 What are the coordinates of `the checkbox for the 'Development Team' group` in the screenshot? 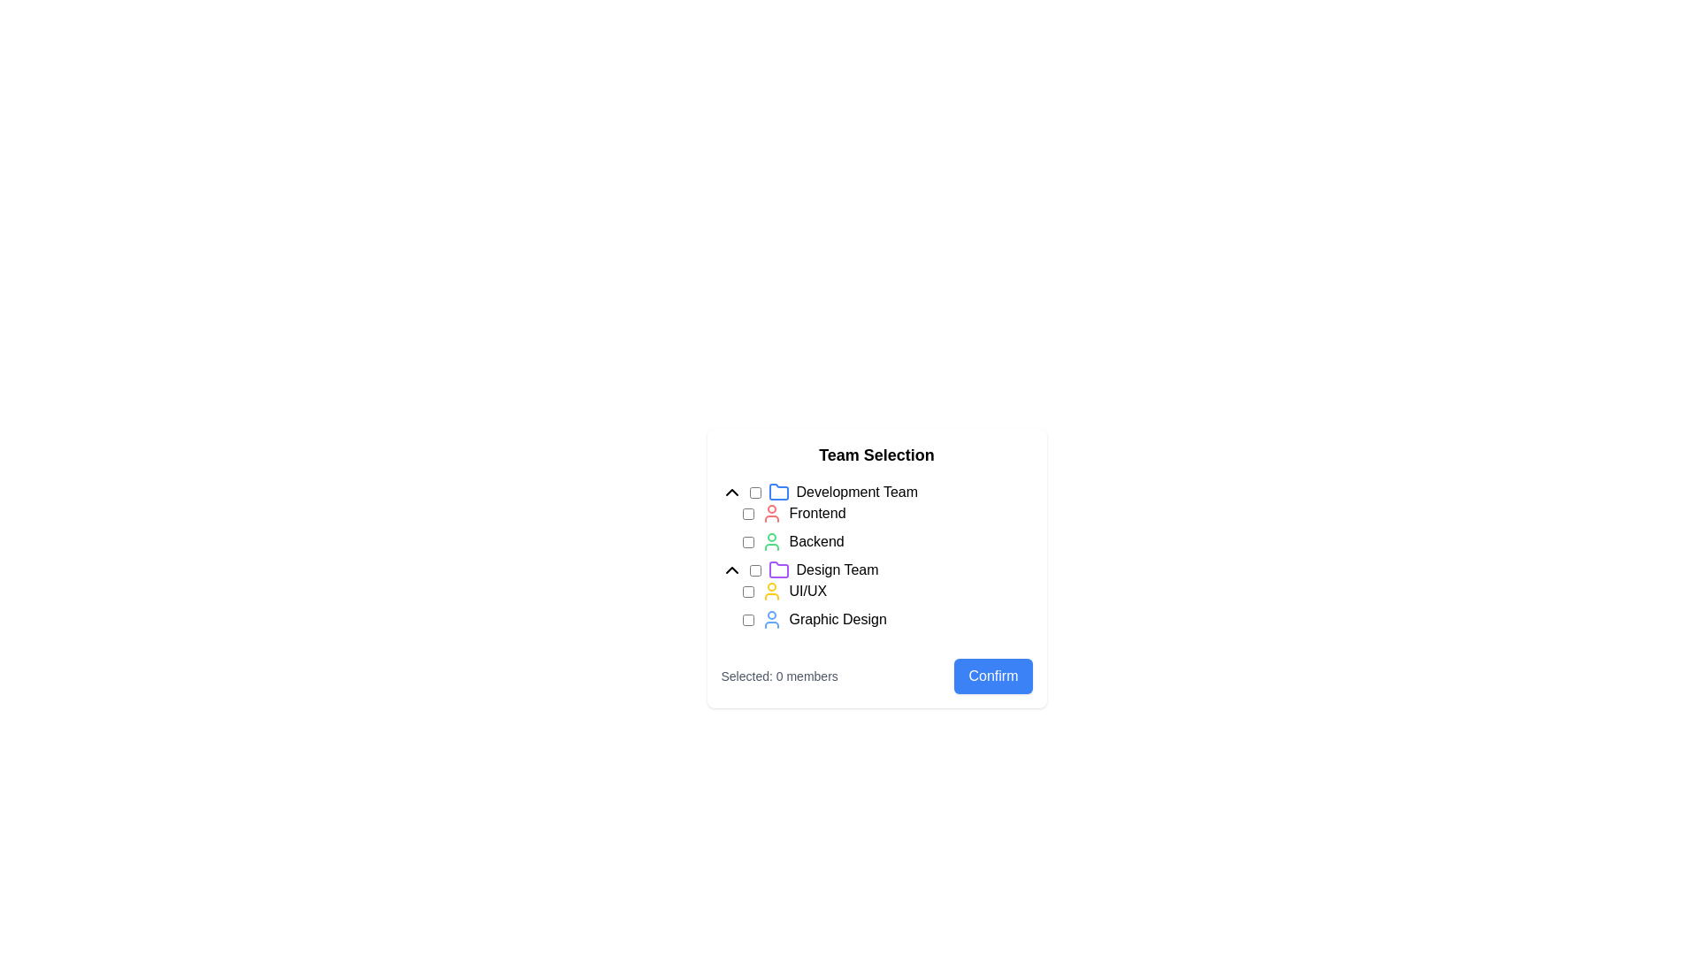 It's located at (755, 492).